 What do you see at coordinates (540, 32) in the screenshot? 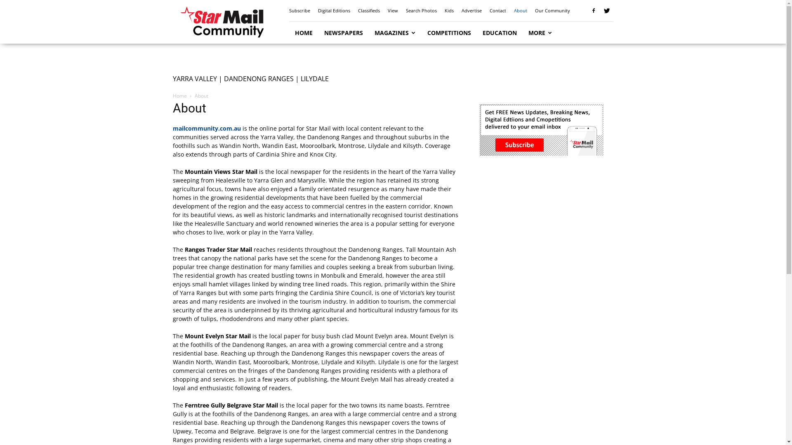
I see `'MORE'` at bounding box center [540, 32].